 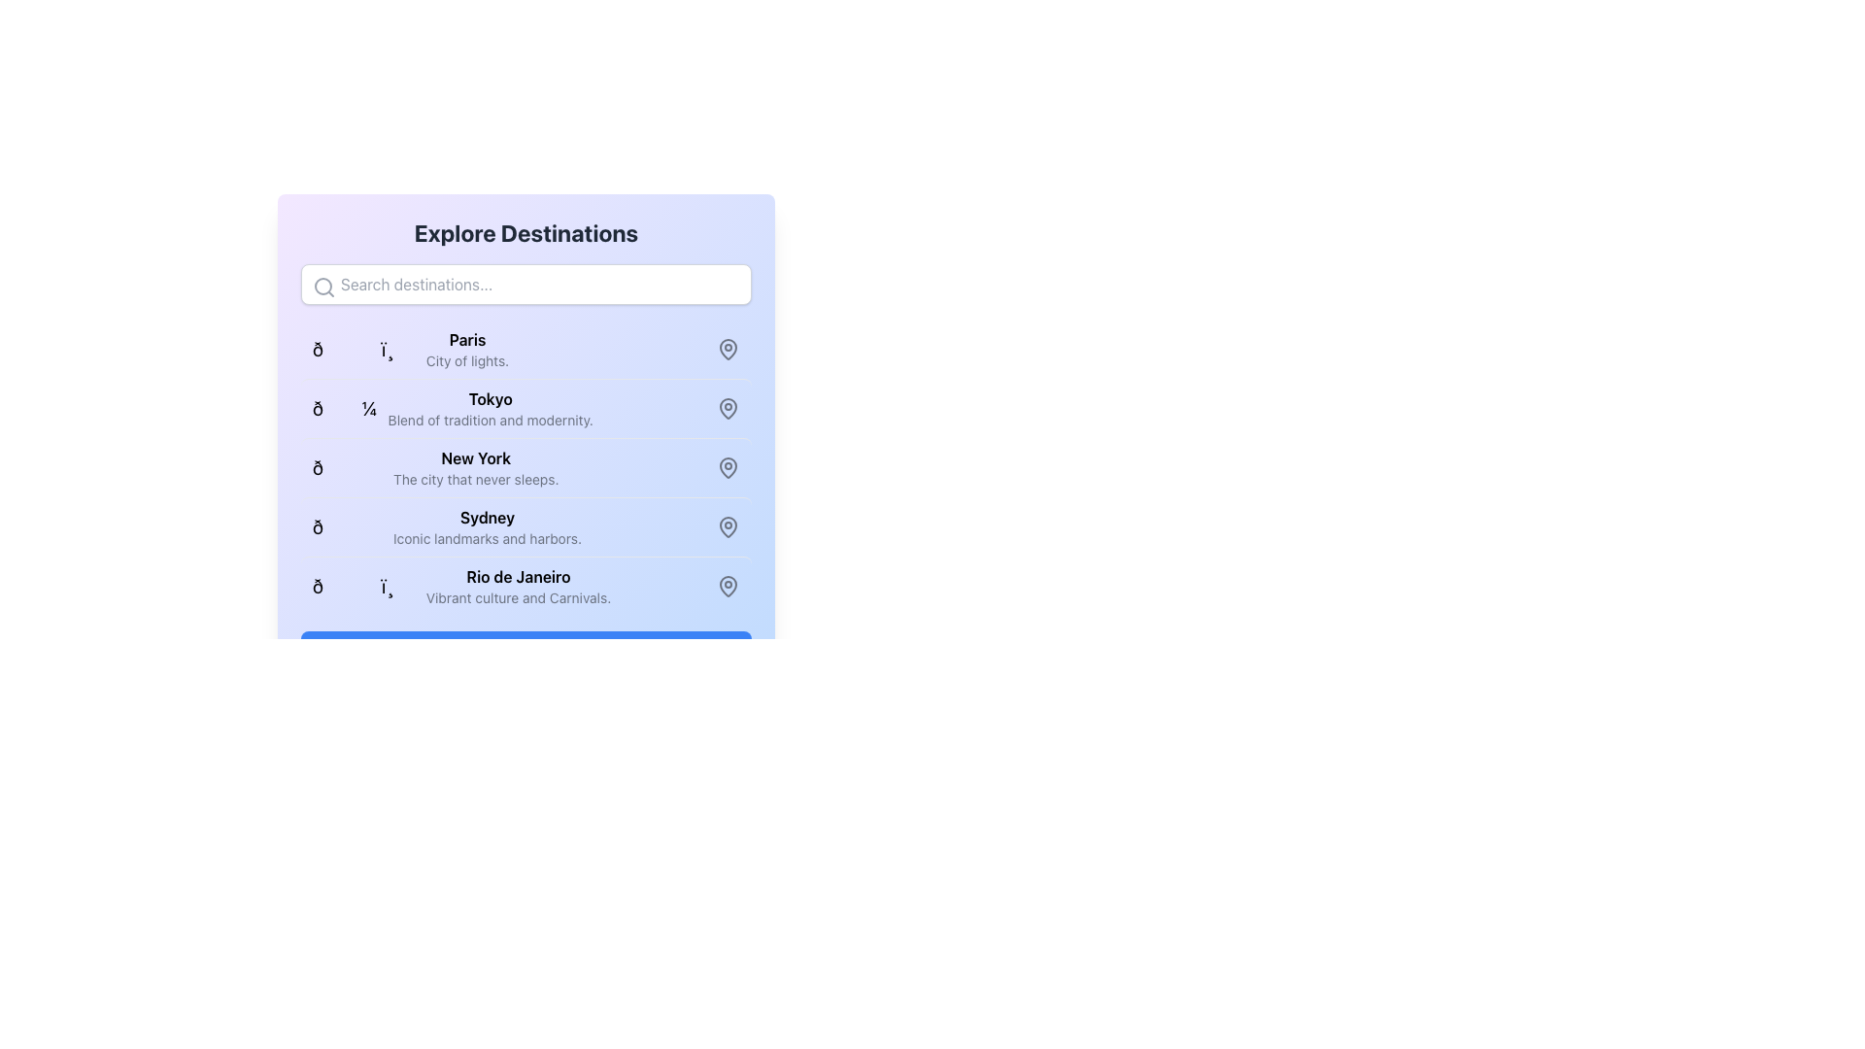 What do you see at coordinates (324, 288) in the screenshot?
I see `the search icon located inside the search input field labeled 'Search destinations...' to initiate a search action` at bounding box center [324, 288].